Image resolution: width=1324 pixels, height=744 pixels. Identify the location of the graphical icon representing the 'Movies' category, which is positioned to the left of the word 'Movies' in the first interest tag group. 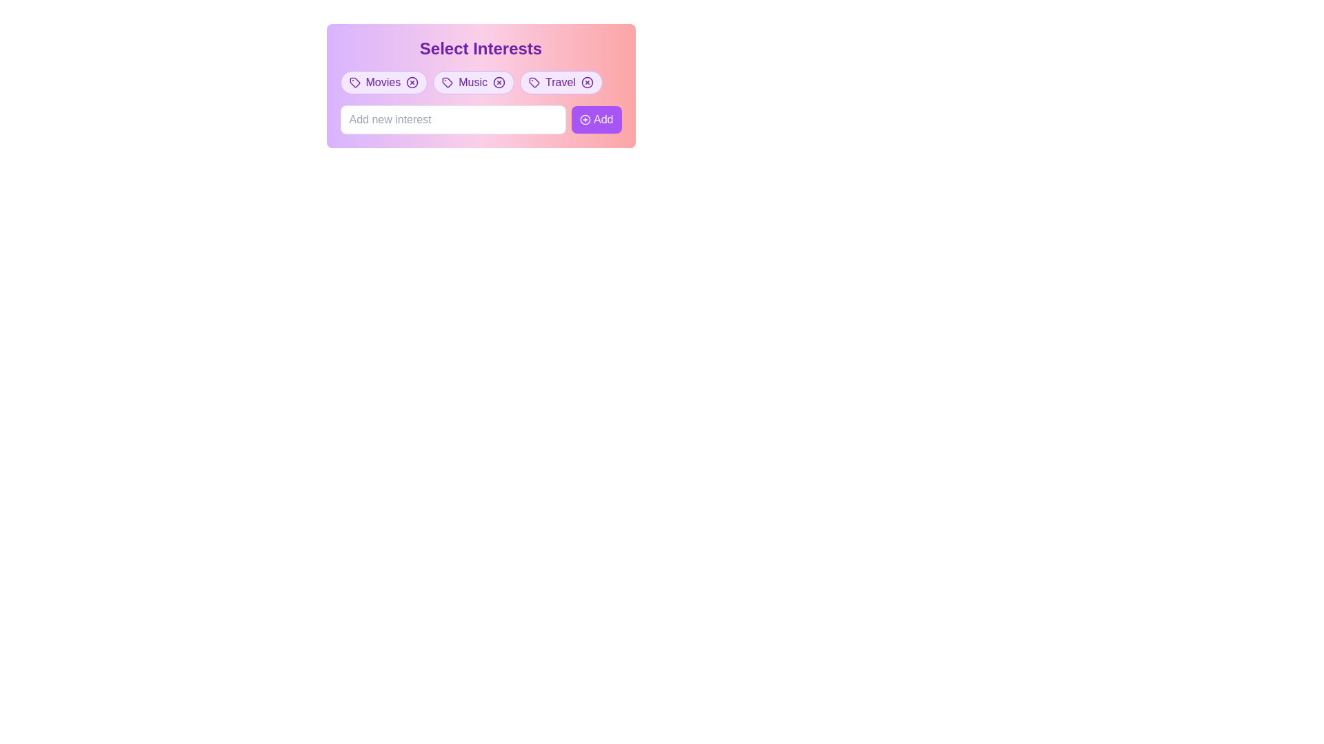
(354, 82).